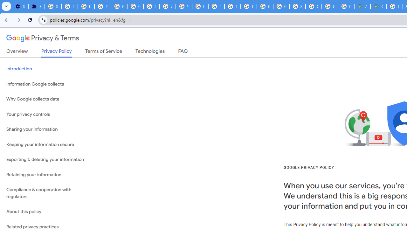 This screenshot has width=407, height=229. What do you see at coordinates (20, 6) in the screenshot?
I see `'Settings - On startup'` at bounding box center [20, 6].